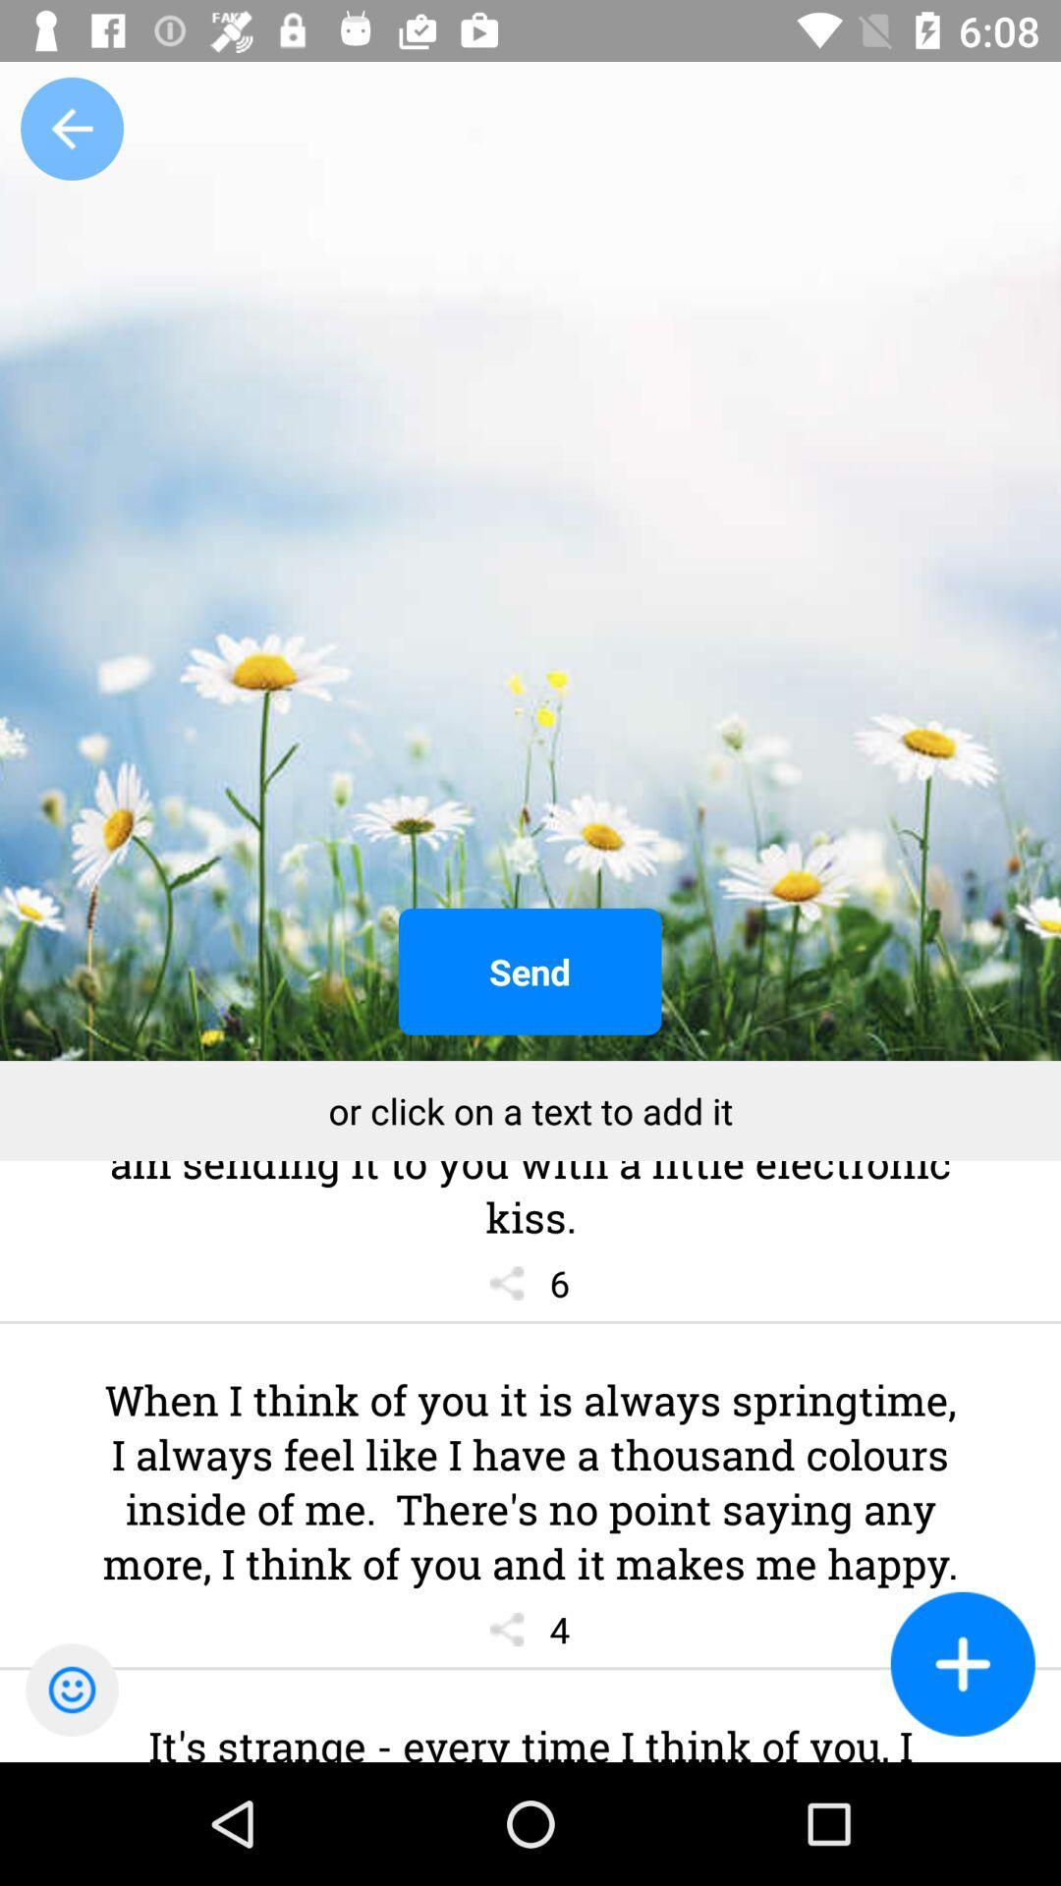  Describe the element at coordinates (962, 1663) in the screenshot. I see `the add icon` at that location.